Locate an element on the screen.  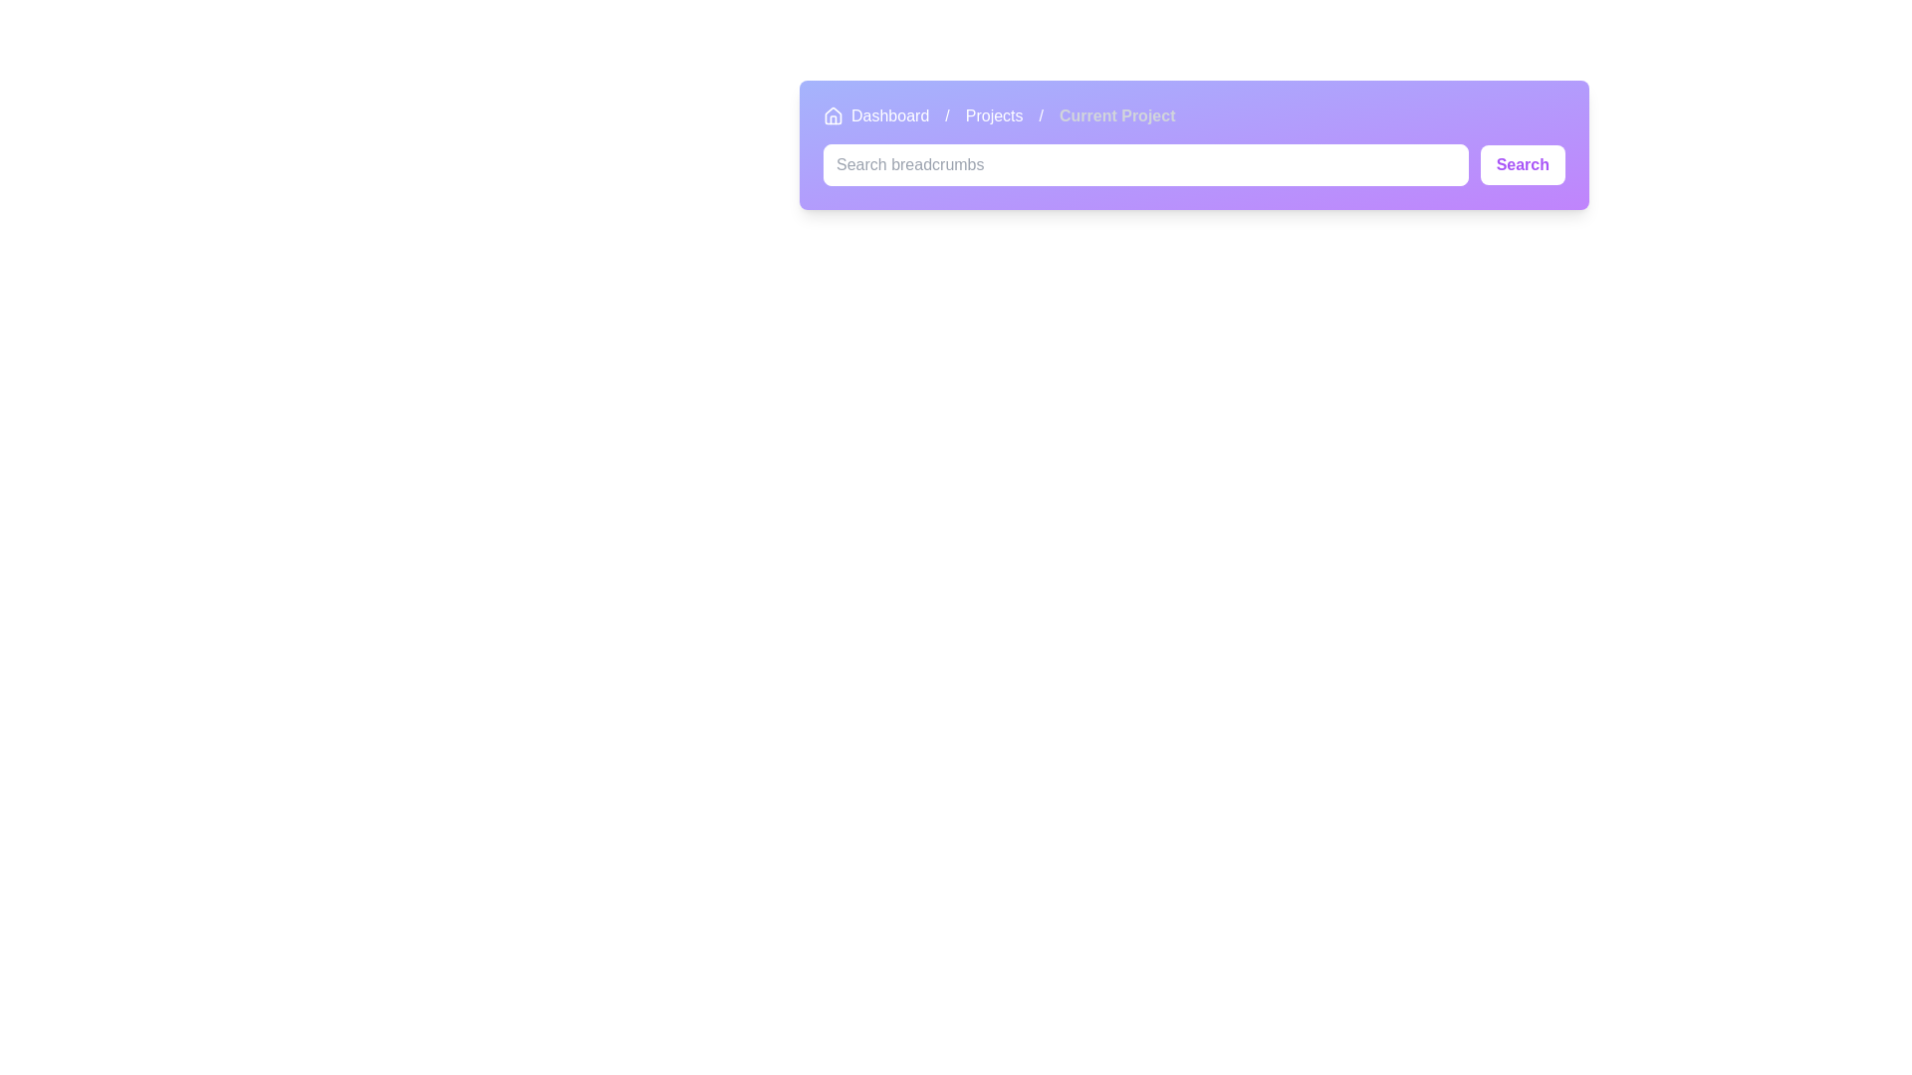
the 'Dashboard' text label in the breadcrumb navigation bar, which is styled with white text and accompanied by a house icon is located at coordinates (876, 115).